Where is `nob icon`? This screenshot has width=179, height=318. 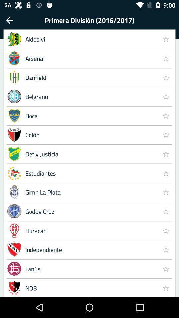 nob icon is located at coordinates (90, 287).